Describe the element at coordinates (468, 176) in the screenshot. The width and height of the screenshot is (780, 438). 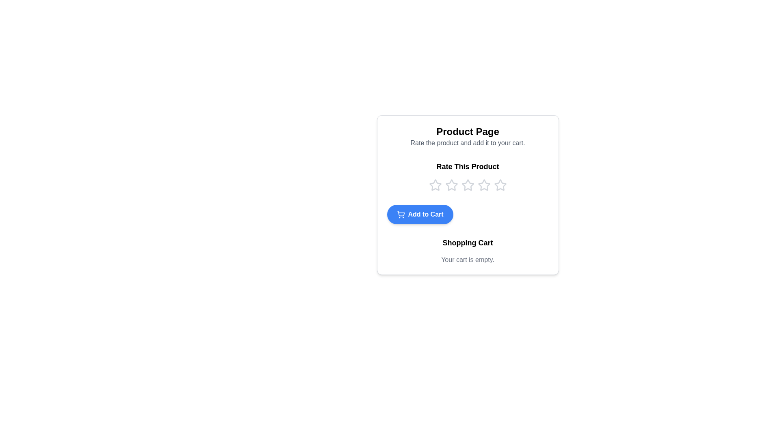
I see `the 'Rate This Product' Rating widget for keyboard interaction by moving the cursor to its center point` at that location.